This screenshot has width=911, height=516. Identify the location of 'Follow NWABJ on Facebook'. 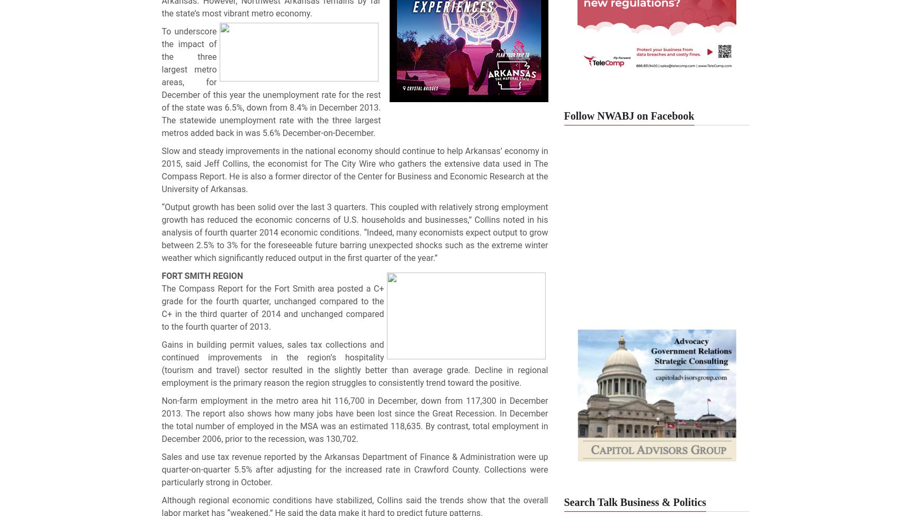
(629, 115).